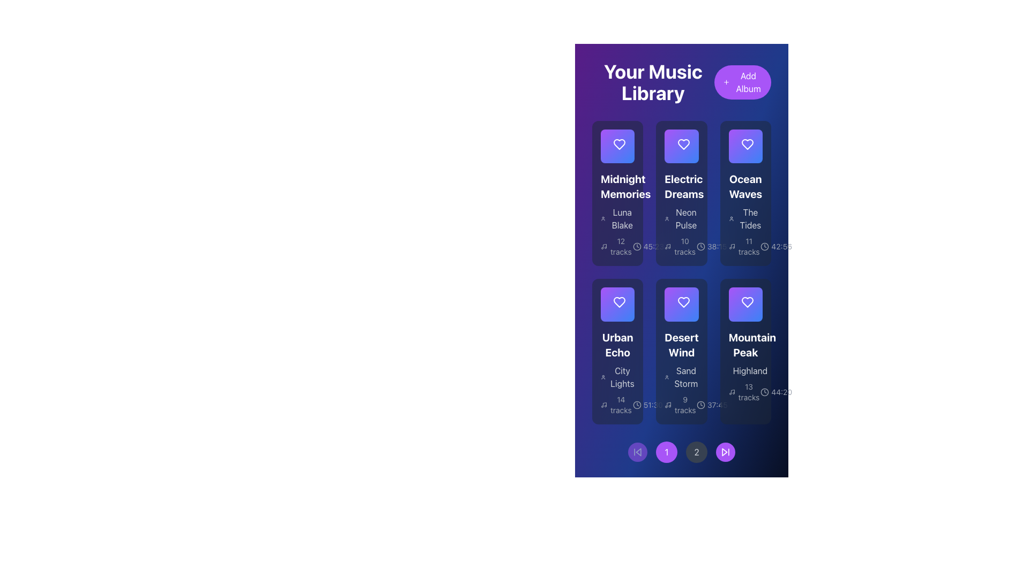  Describe the element at coordinates (617, 305) in the screenshot. I see `the square-shaped button with a gradient background from purple to blue, featuring a white heart icon, located in the middle row, leftmost column of the grid layout of the 'Urban Echo' card` at that location.